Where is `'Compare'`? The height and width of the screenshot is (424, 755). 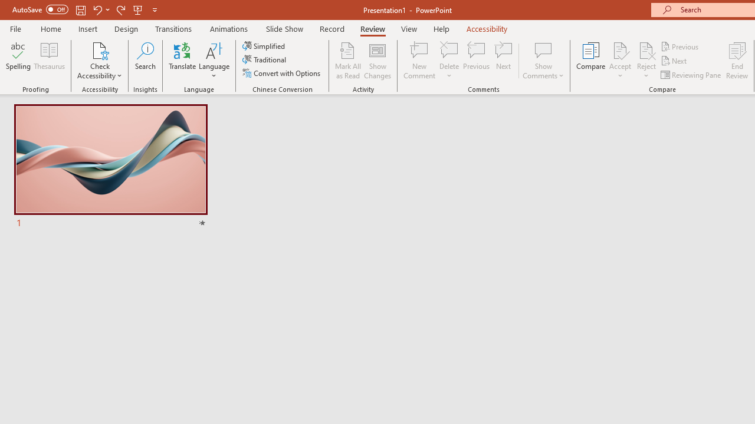 'Compare' is located at coordinates (591, 61).